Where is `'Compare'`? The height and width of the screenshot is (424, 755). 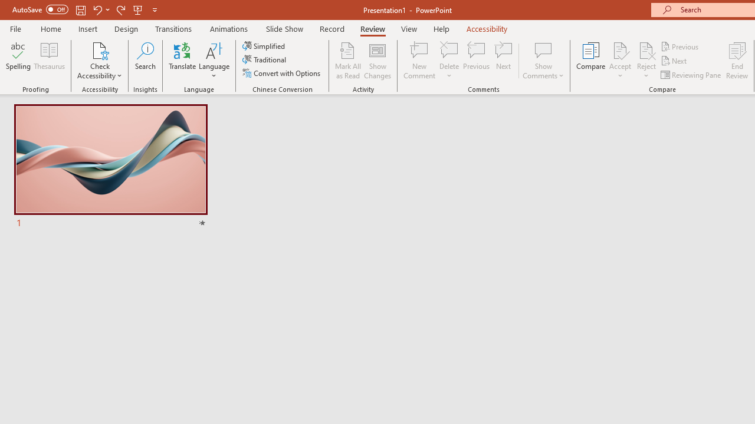 'Compare' is located at coordinates (591, 61).